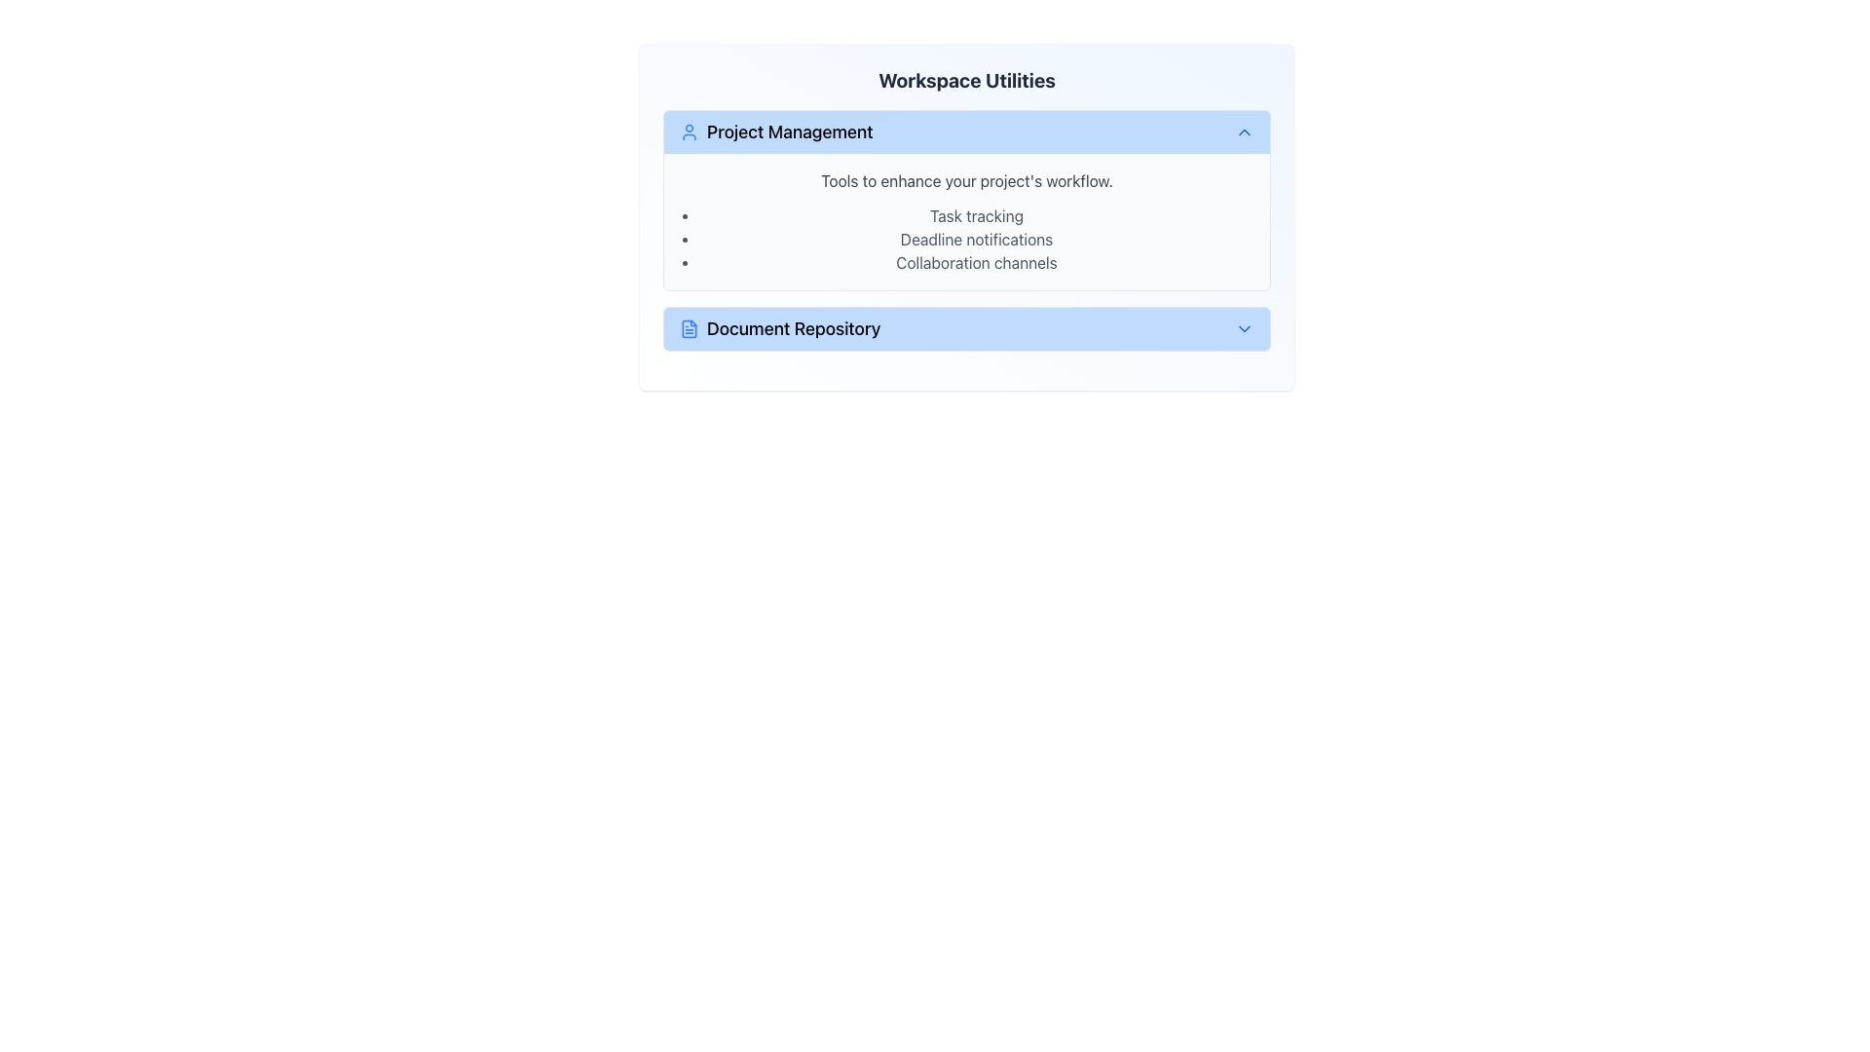  Describe the element at coordinates (690, 328) in the screenshot. I see `the blue document icon located to the left of the 'Document Repository' label in the Workspace Utilities interface` at that location.